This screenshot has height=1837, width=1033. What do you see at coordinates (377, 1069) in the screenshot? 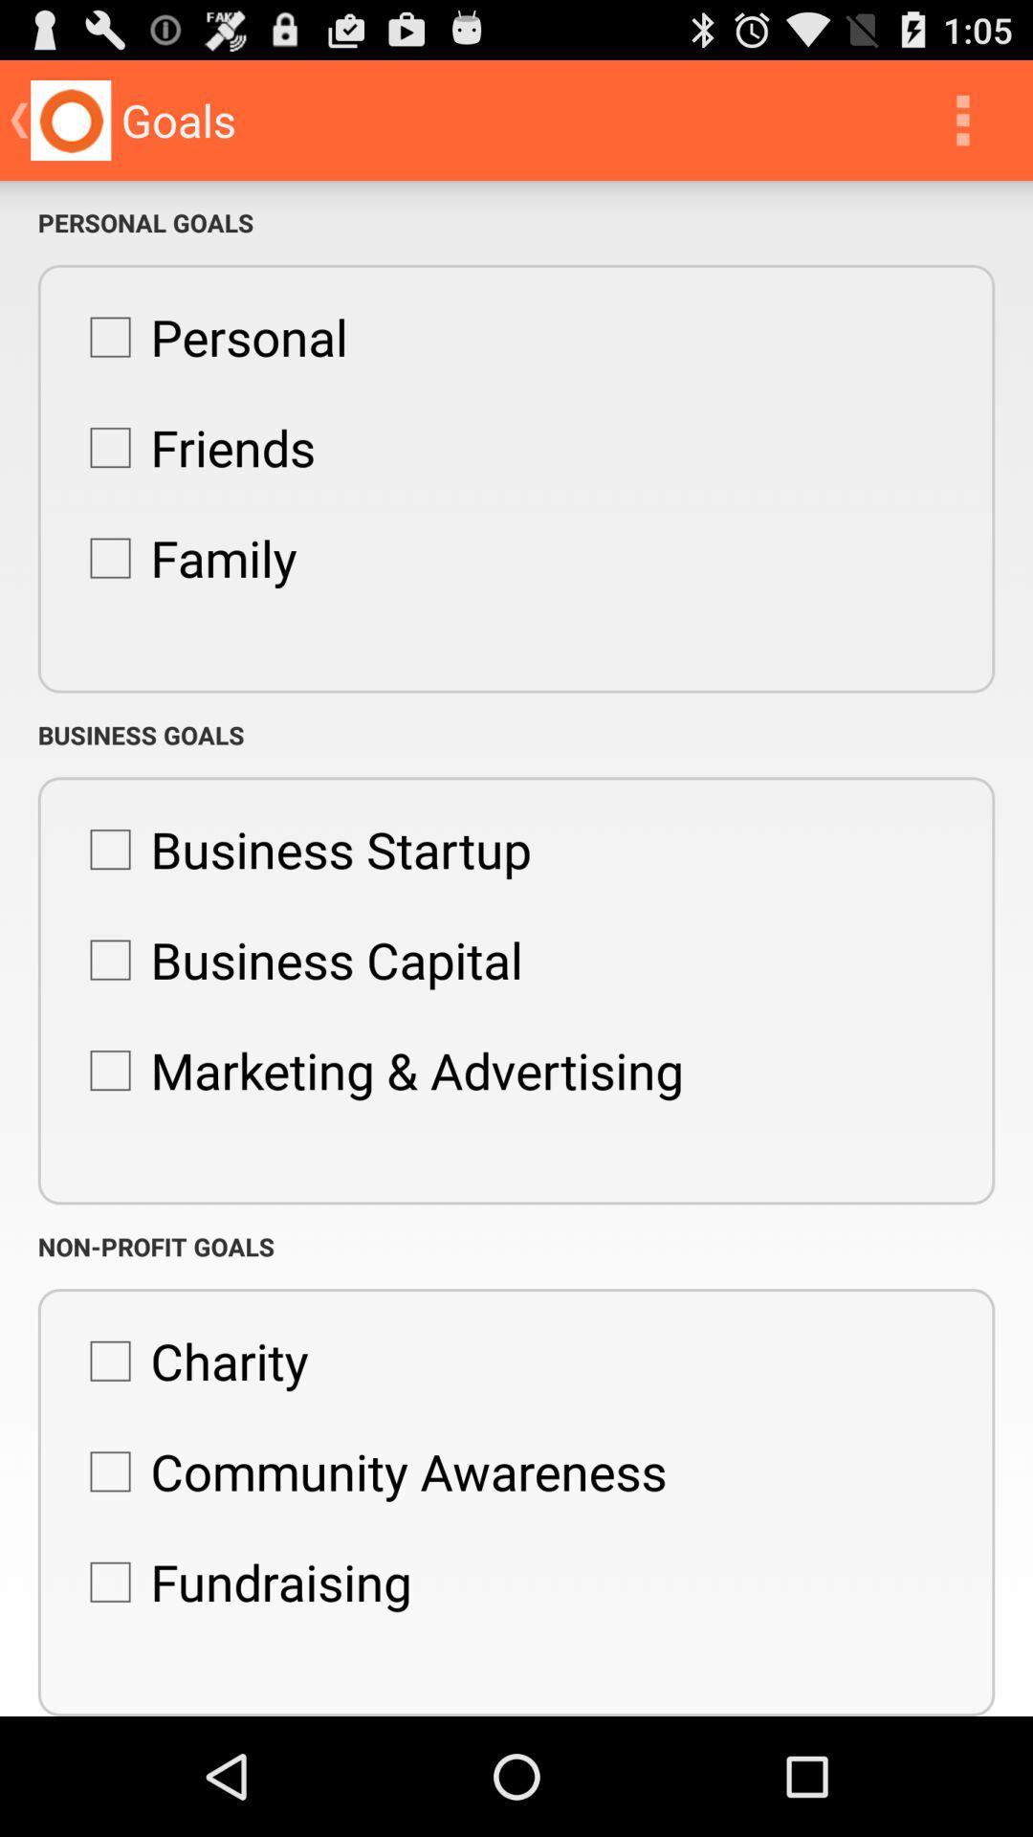
I see `checkbox at the center` at bounding box center [377, 1069].